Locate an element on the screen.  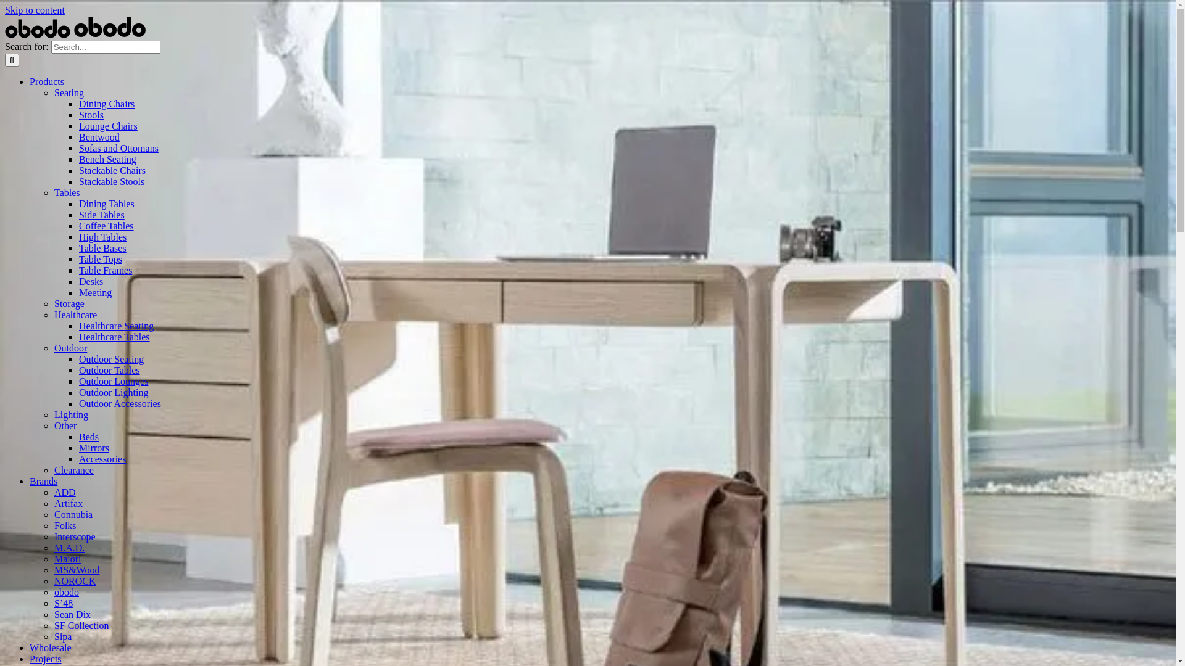
'Lounge Chairs' is located at coordinates (108, 126).